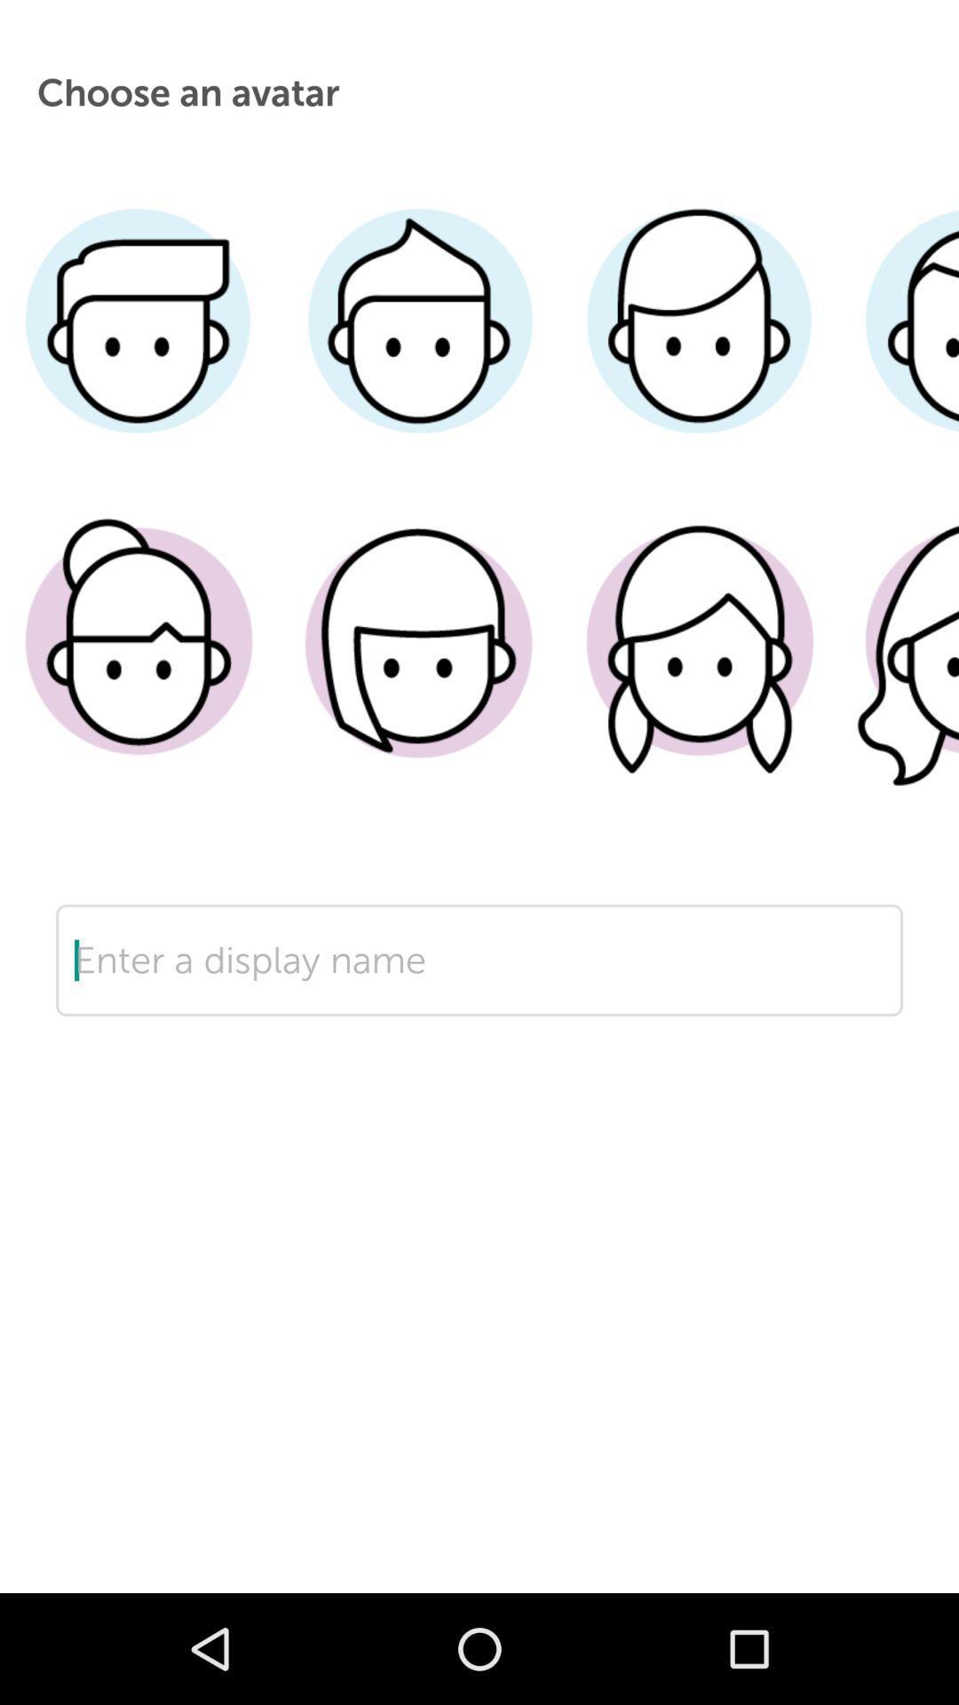 The image size is (959, 1705). I want to click on choose avatar, so click(899, 347).